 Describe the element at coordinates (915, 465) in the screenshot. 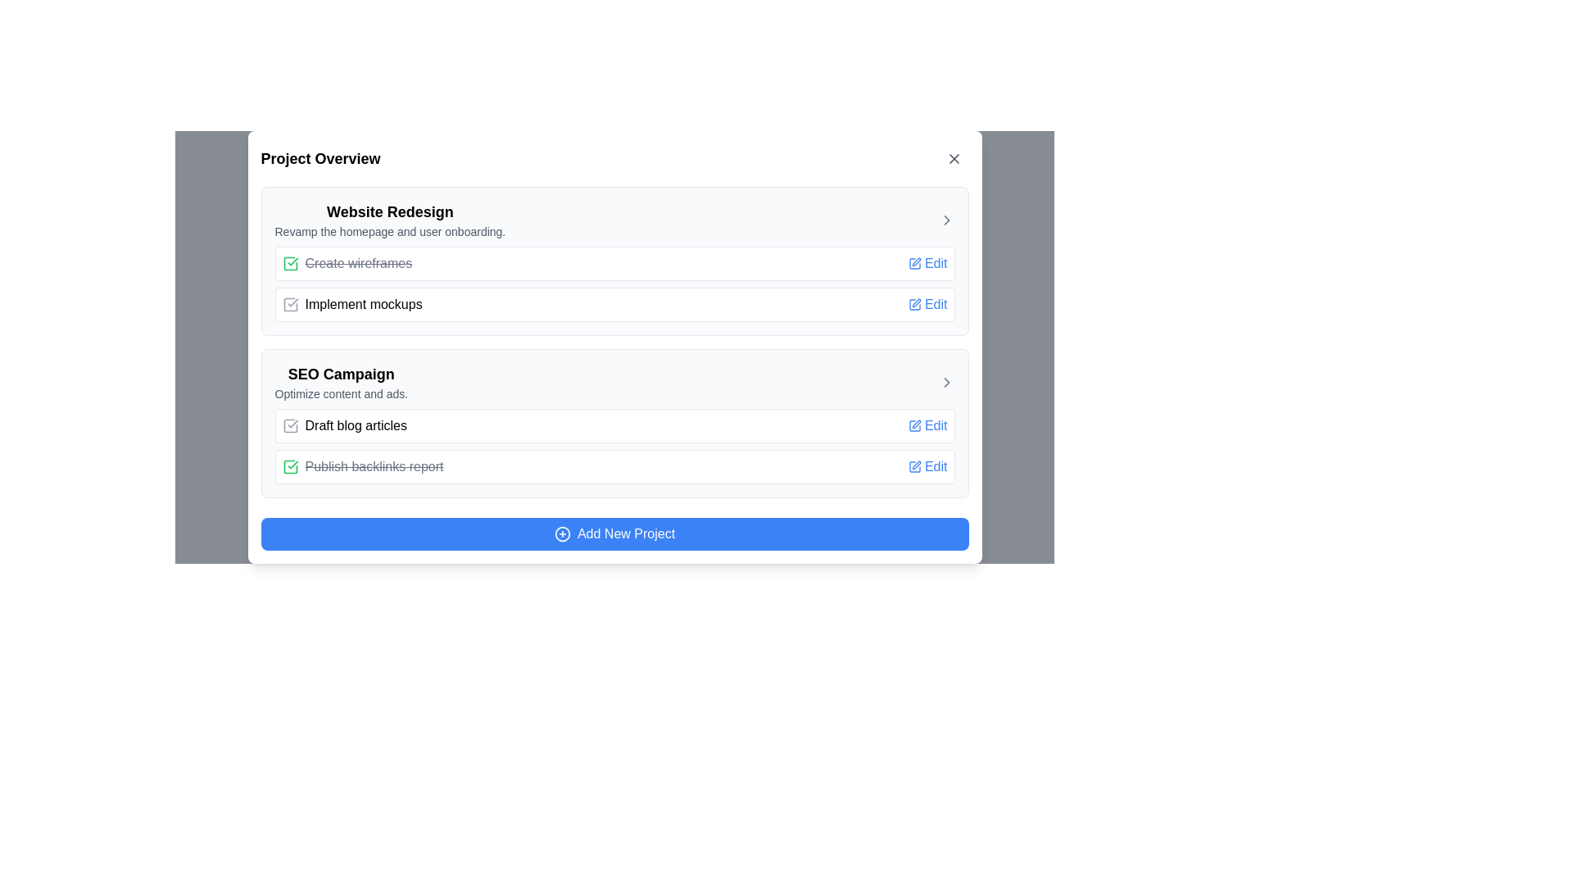

I see `the pen icon, which is a minimalistic line-based graphic located within a square button on the right-hand side of a project task row, next to the 'Edit' text label` at that location.